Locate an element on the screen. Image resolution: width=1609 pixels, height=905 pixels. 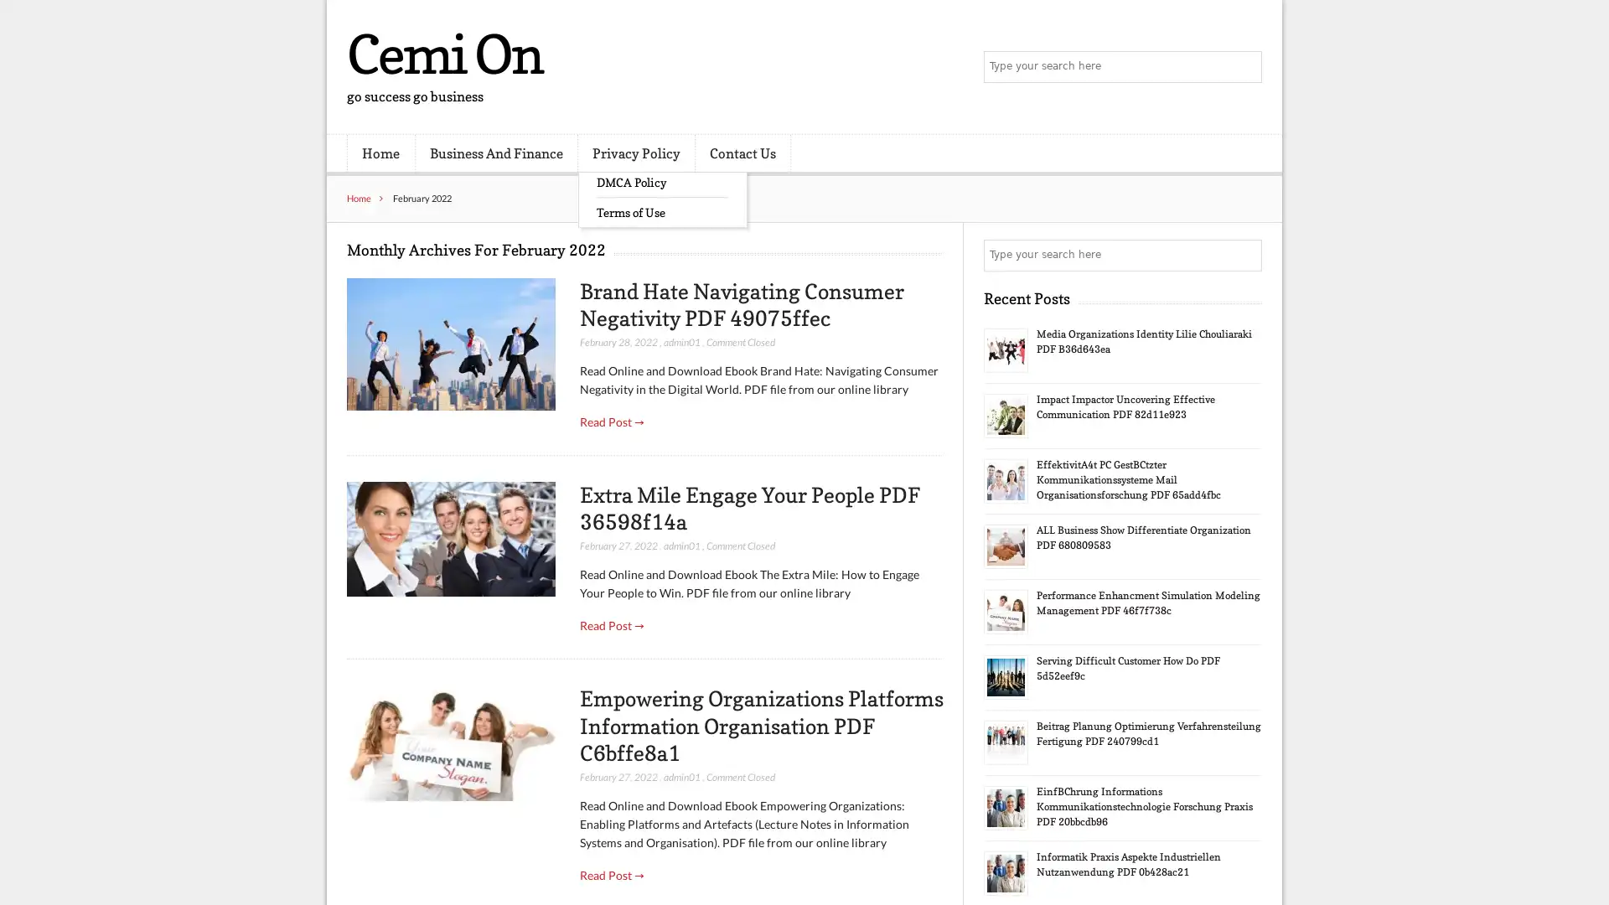
Search is located at coordinates (1244, 67).